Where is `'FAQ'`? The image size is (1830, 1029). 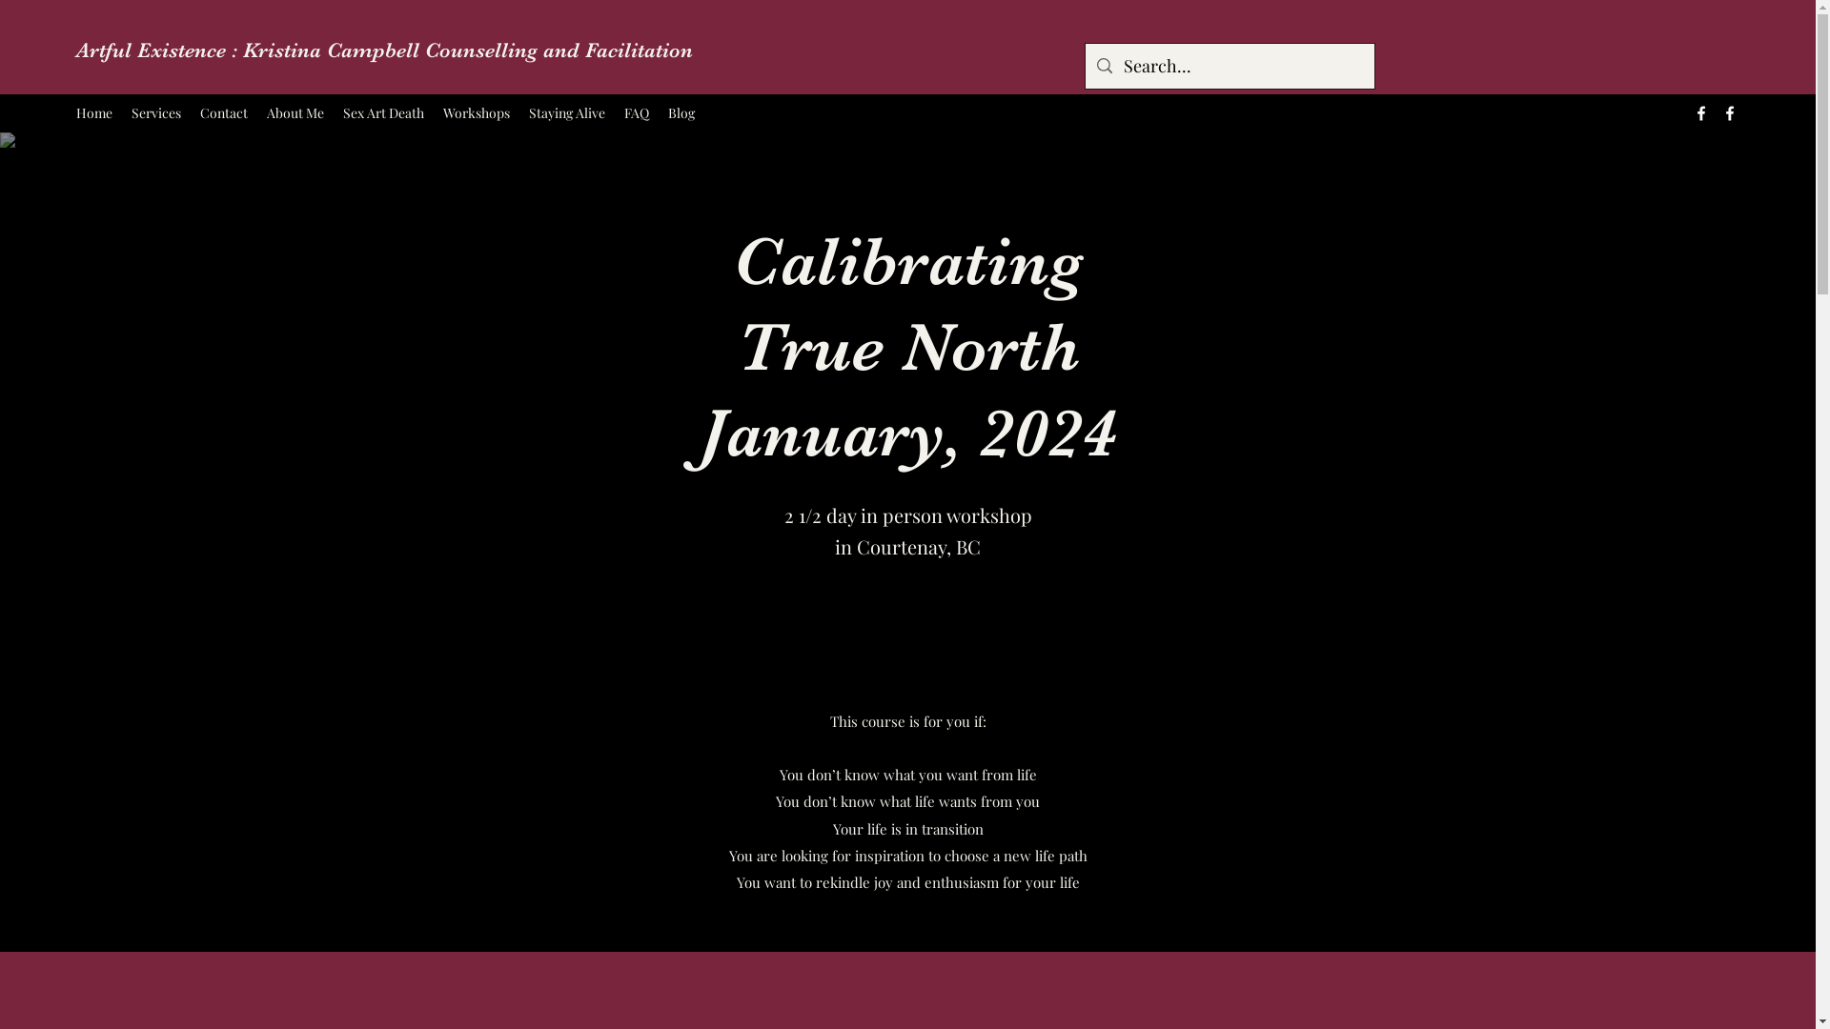
'FAQ' is located at coordinates (636, 113).